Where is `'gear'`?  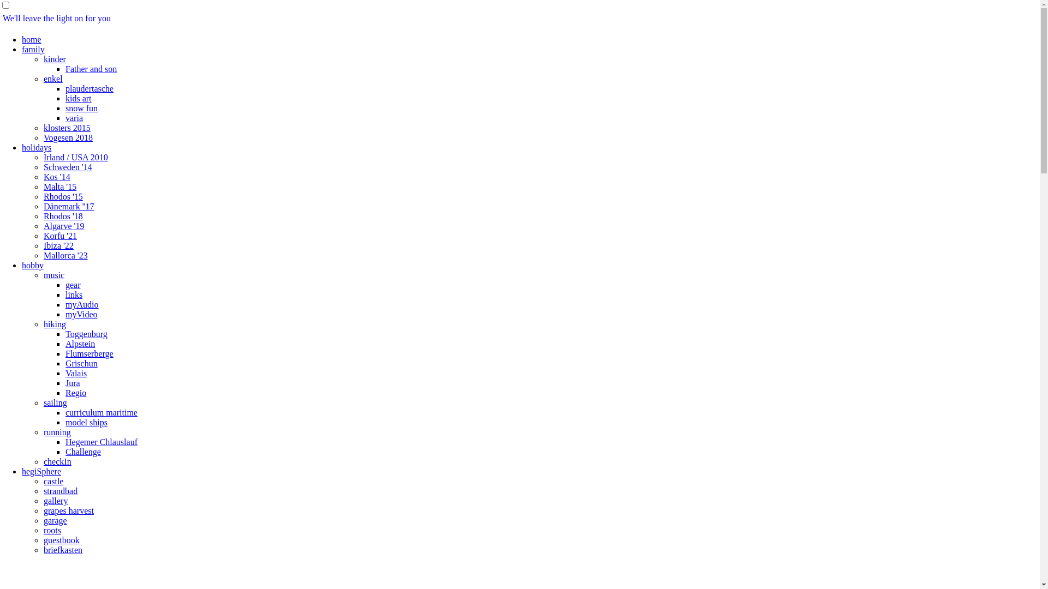 'gear' is located at coordinates (73, 284).